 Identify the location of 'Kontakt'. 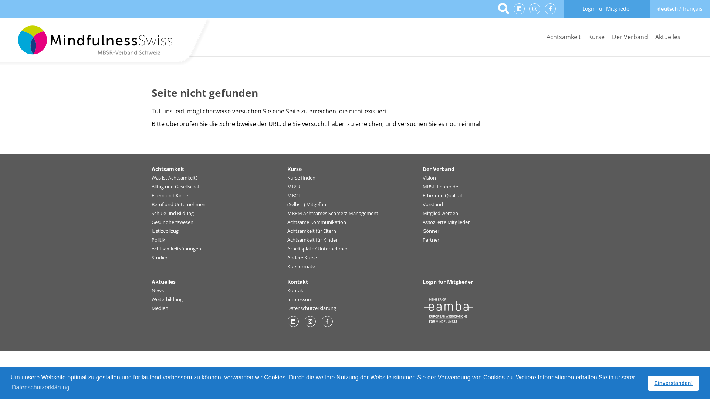
(287, 290).